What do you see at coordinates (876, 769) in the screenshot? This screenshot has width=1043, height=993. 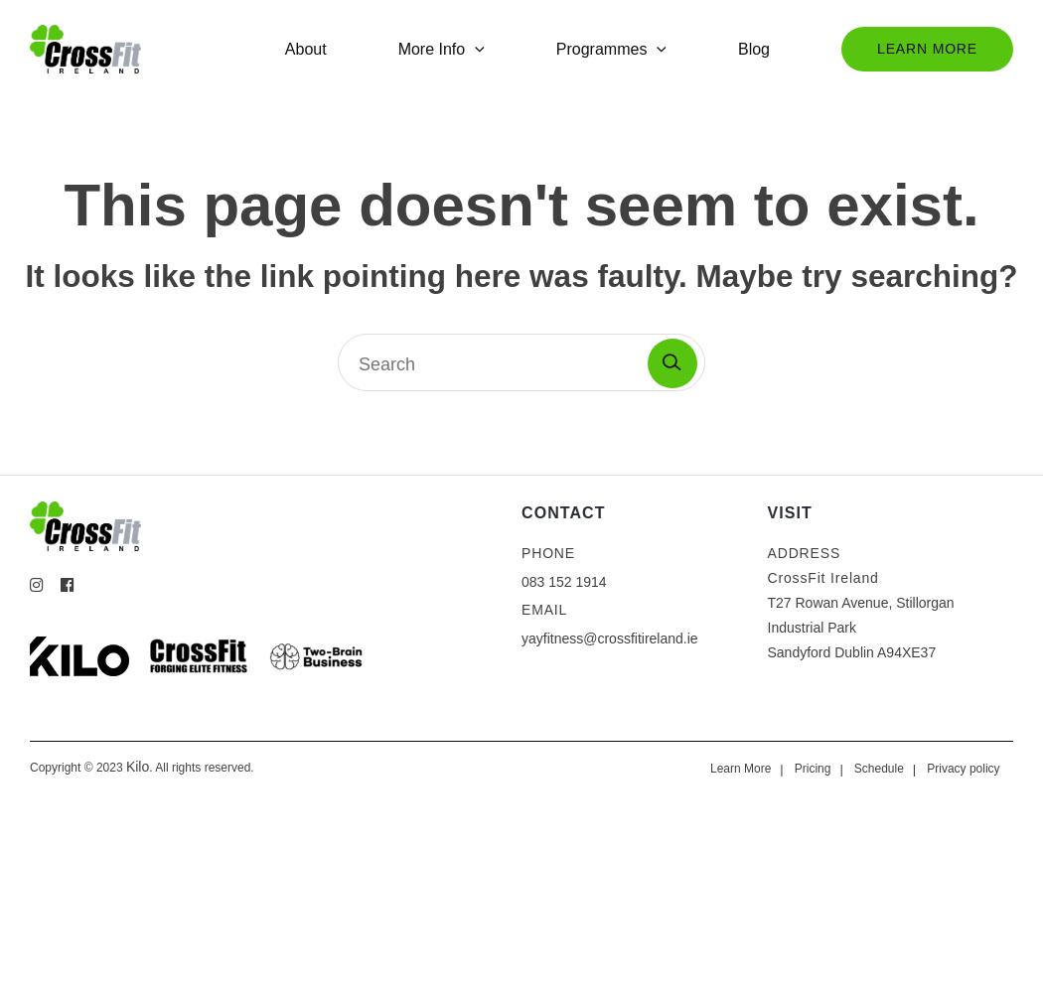 I see `'Schedule'` at bounding box center [876, 769].